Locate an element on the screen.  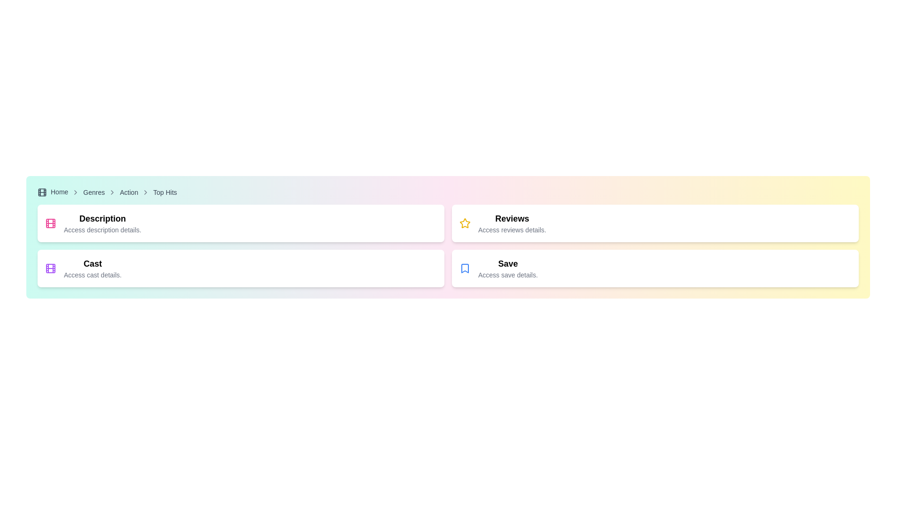
the decorative and directional icon that separates breadcrumb navigation items, located between the 'Home' and 'Genres' links is located at coordinates (76, 192).